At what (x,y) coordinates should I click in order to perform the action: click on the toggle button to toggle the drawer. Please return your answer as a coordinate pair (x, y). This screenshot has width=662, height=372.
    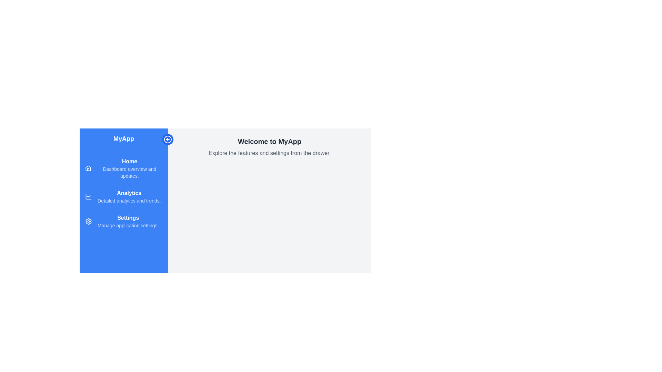
    Looking at the image, I should click on (168, 139).